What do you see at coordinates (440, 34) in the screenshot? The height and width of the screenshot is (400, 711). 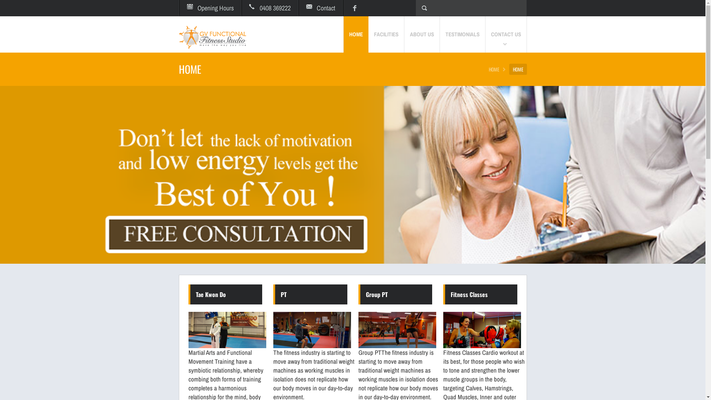 I see `'TESTIMONIALS'` at bounding box center [440, 34].